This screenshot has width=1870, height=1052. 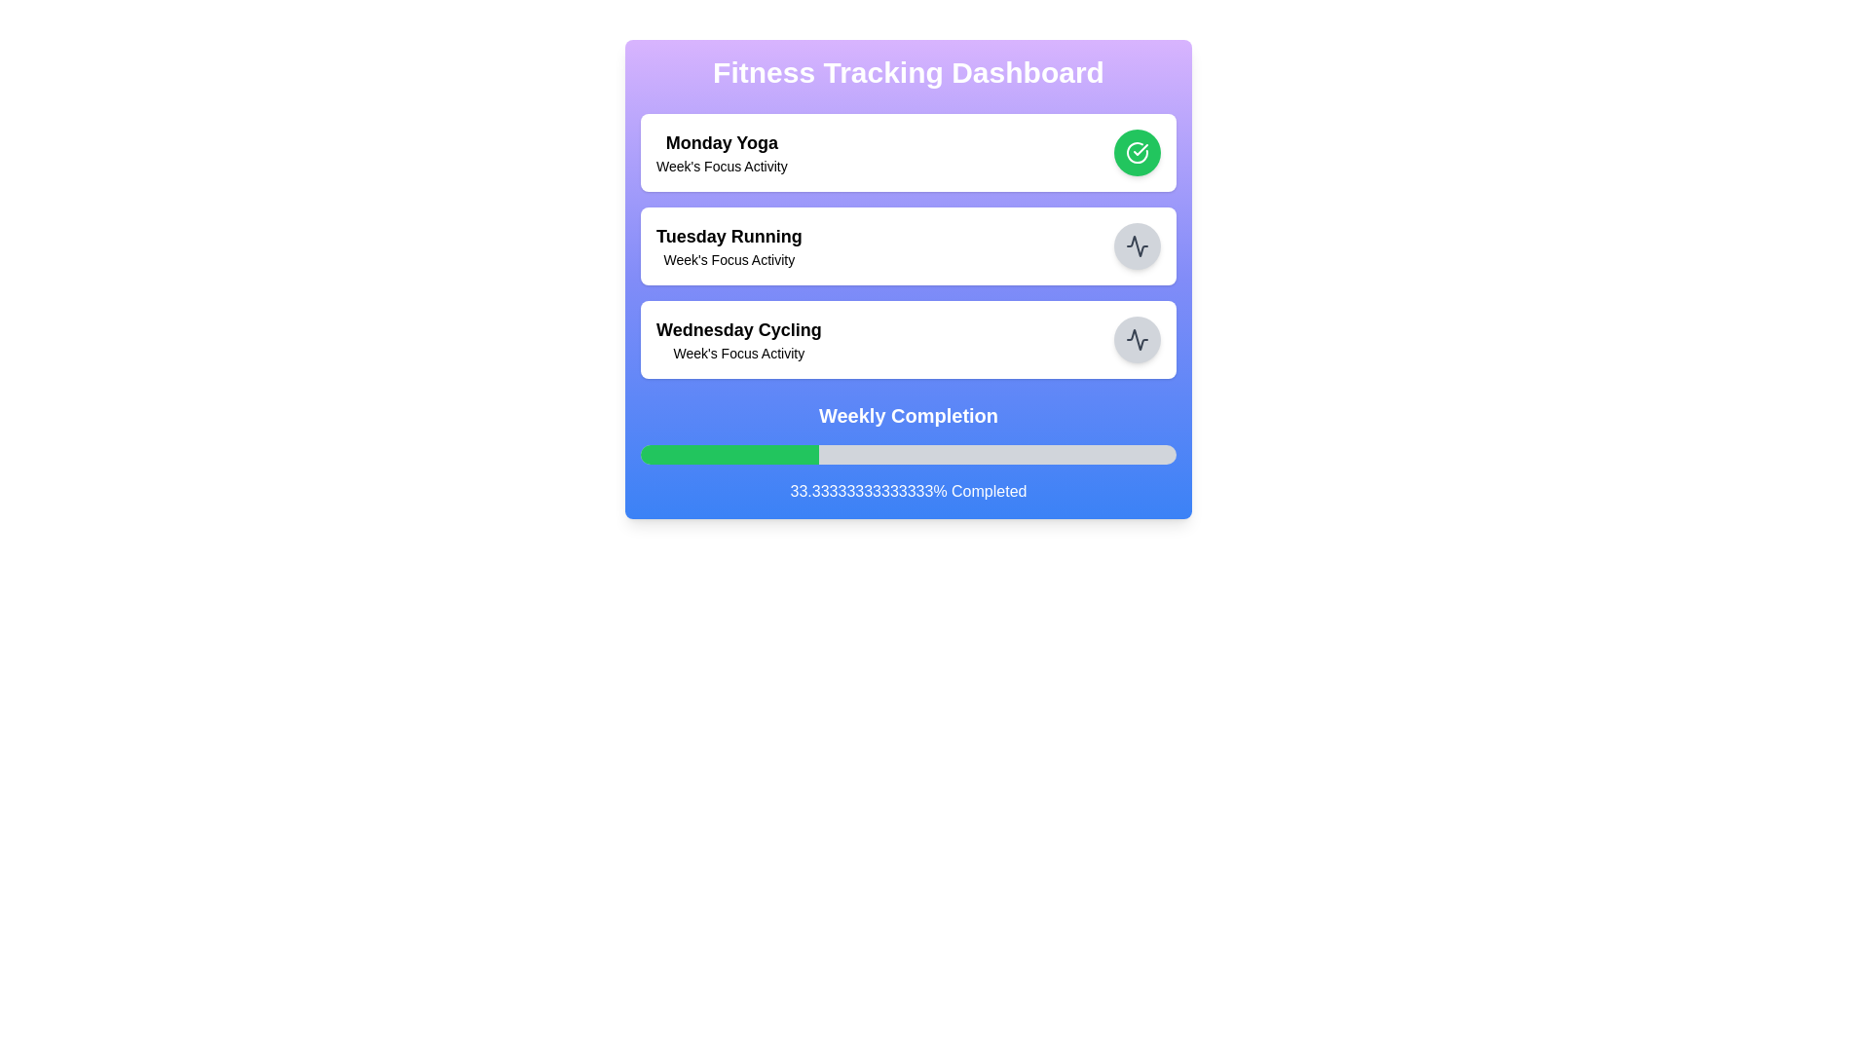 What do you see at coordinates (1137, 338) in the screenshot?
I see `the circular icon button with a gray background and black activity graph icon located to the right of the 'Wednesday Cycling – Week's Focus Activity' title to interact with the activity` at bounding box center [1137, 338].